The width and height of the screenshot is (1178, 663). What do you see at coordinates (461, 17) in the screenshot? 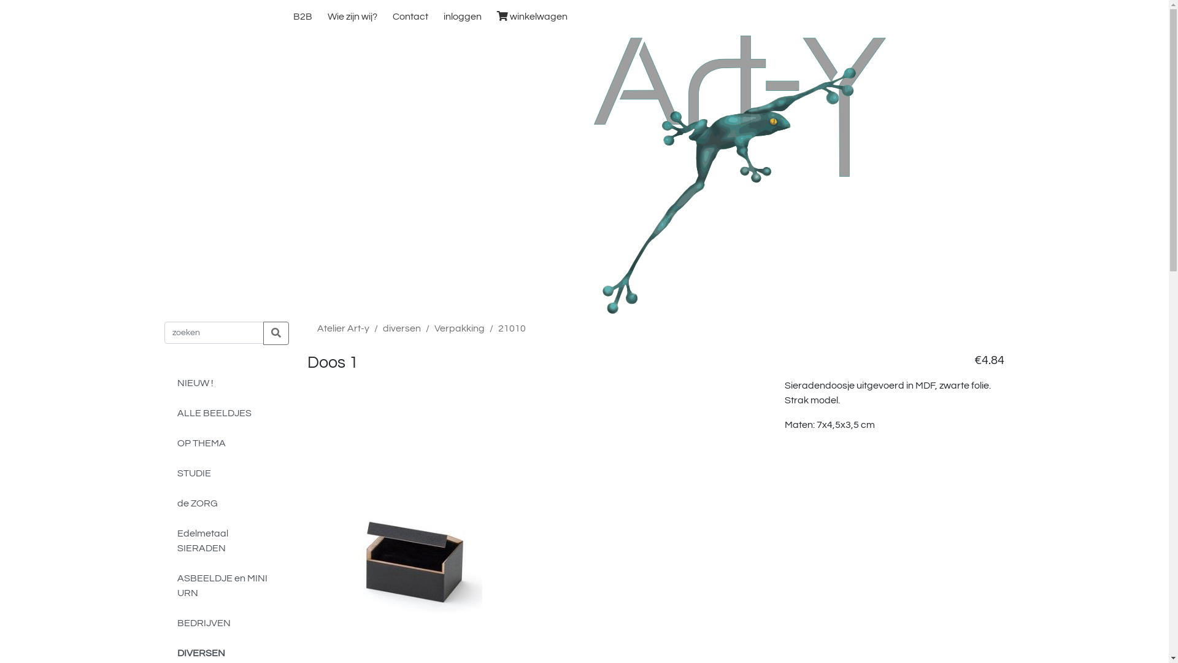
I see `'inloggen'` at bounding box center [461, 17].